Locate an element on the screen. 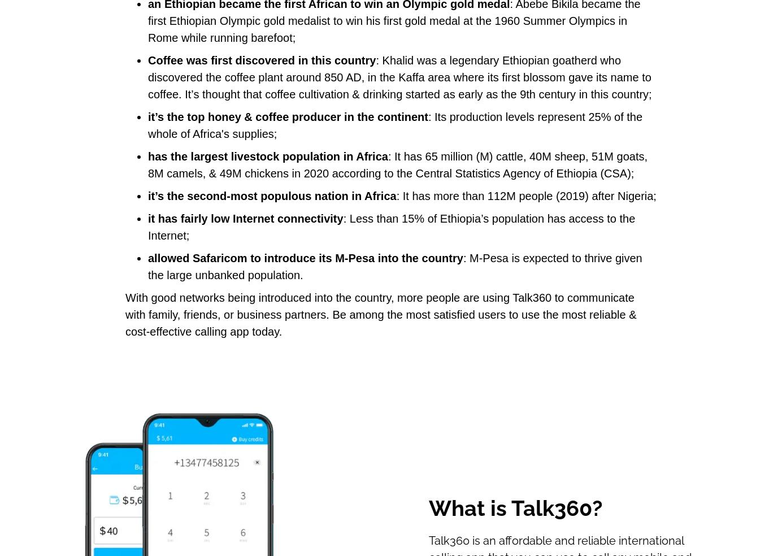 The height and width of the screenshot is (556, 782). ': M-Pesa is expected to thrive given the large unbanked population.' is located at coordinates (394, 267).